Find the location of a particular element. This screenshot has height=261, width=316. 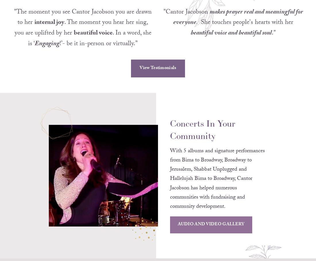

'Engaging' is located at coordinates (35, 51).